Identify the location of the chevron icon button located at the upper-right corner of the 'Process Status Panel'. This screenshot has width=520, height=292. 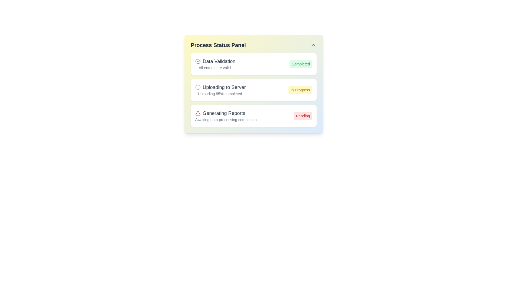
(313, 45).